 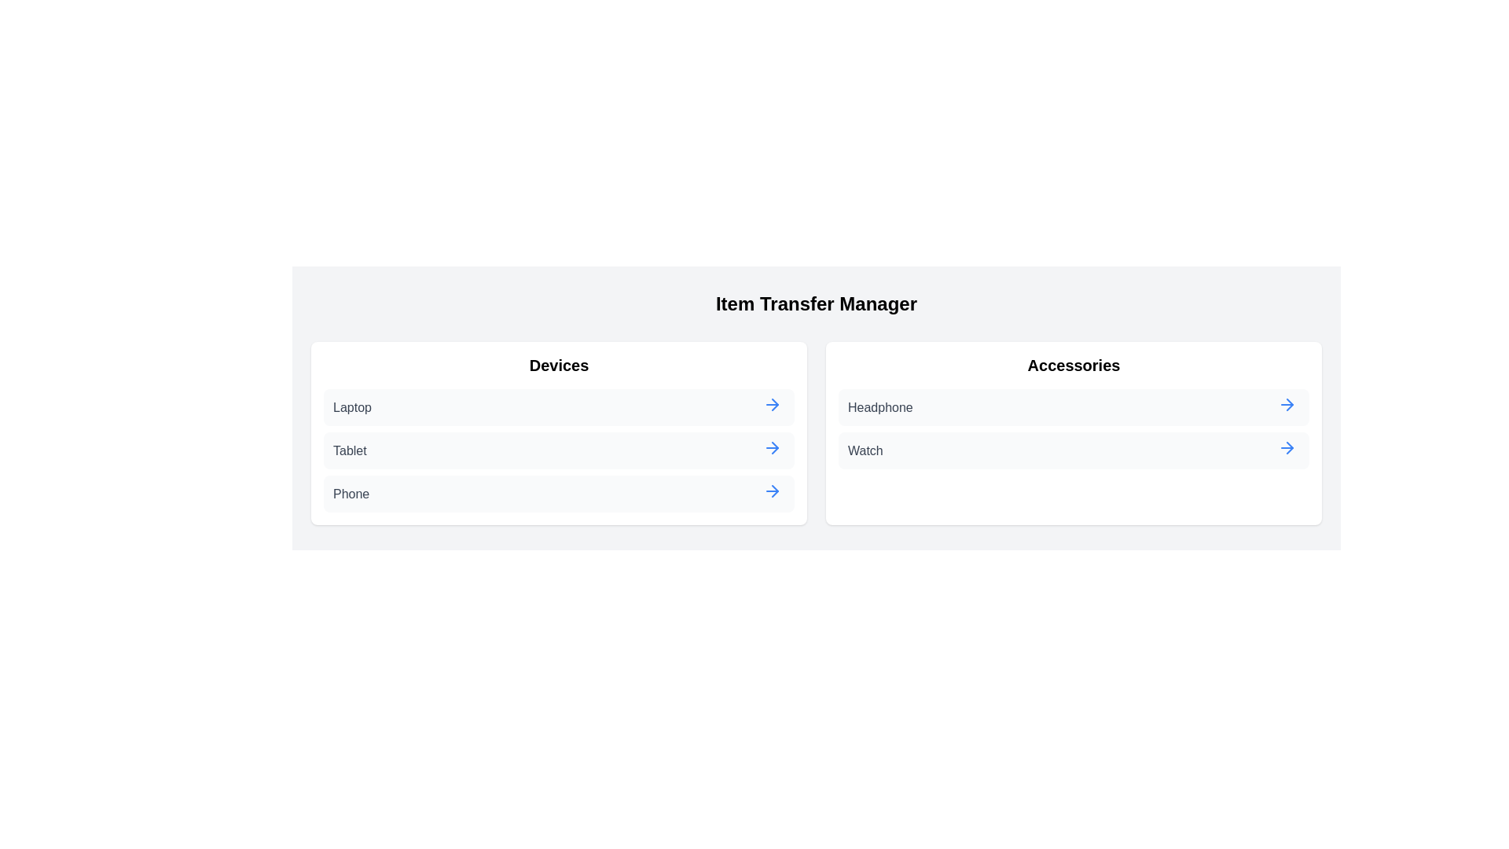 What do you see at coordinates (773, 490) in the screenshot?
I see `arrow button next to the item Phone in the category Devices to transfer it to the other category` at bounding box center [773, 490].